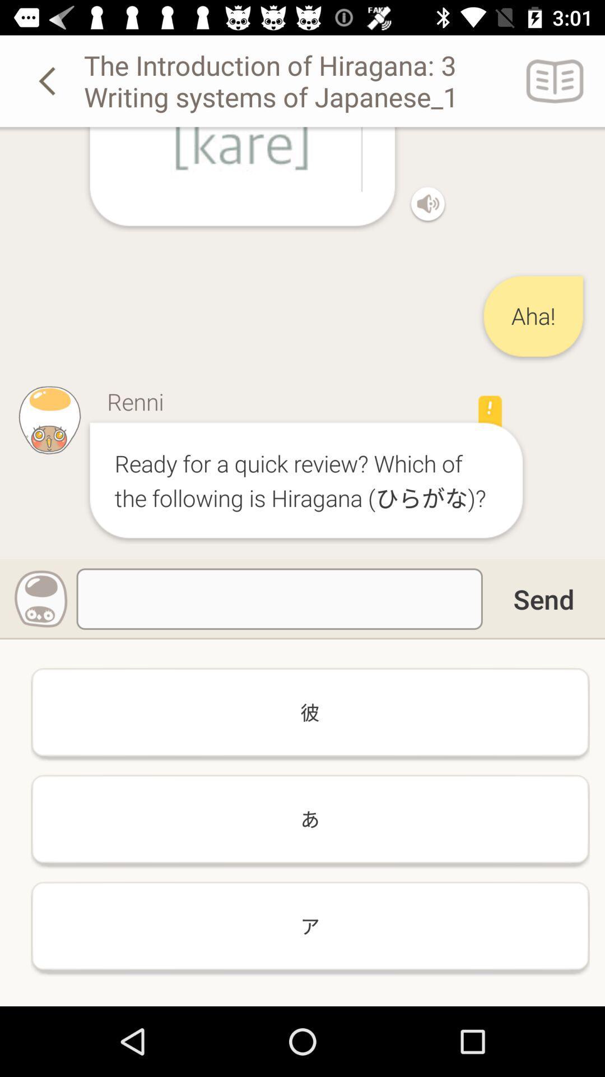 Image resolution: width=605 pixels, height=1077 pixels. Describe the element at coordinates (490, 412) in the screenshot. I see `the icon right to the text renni` at that location.